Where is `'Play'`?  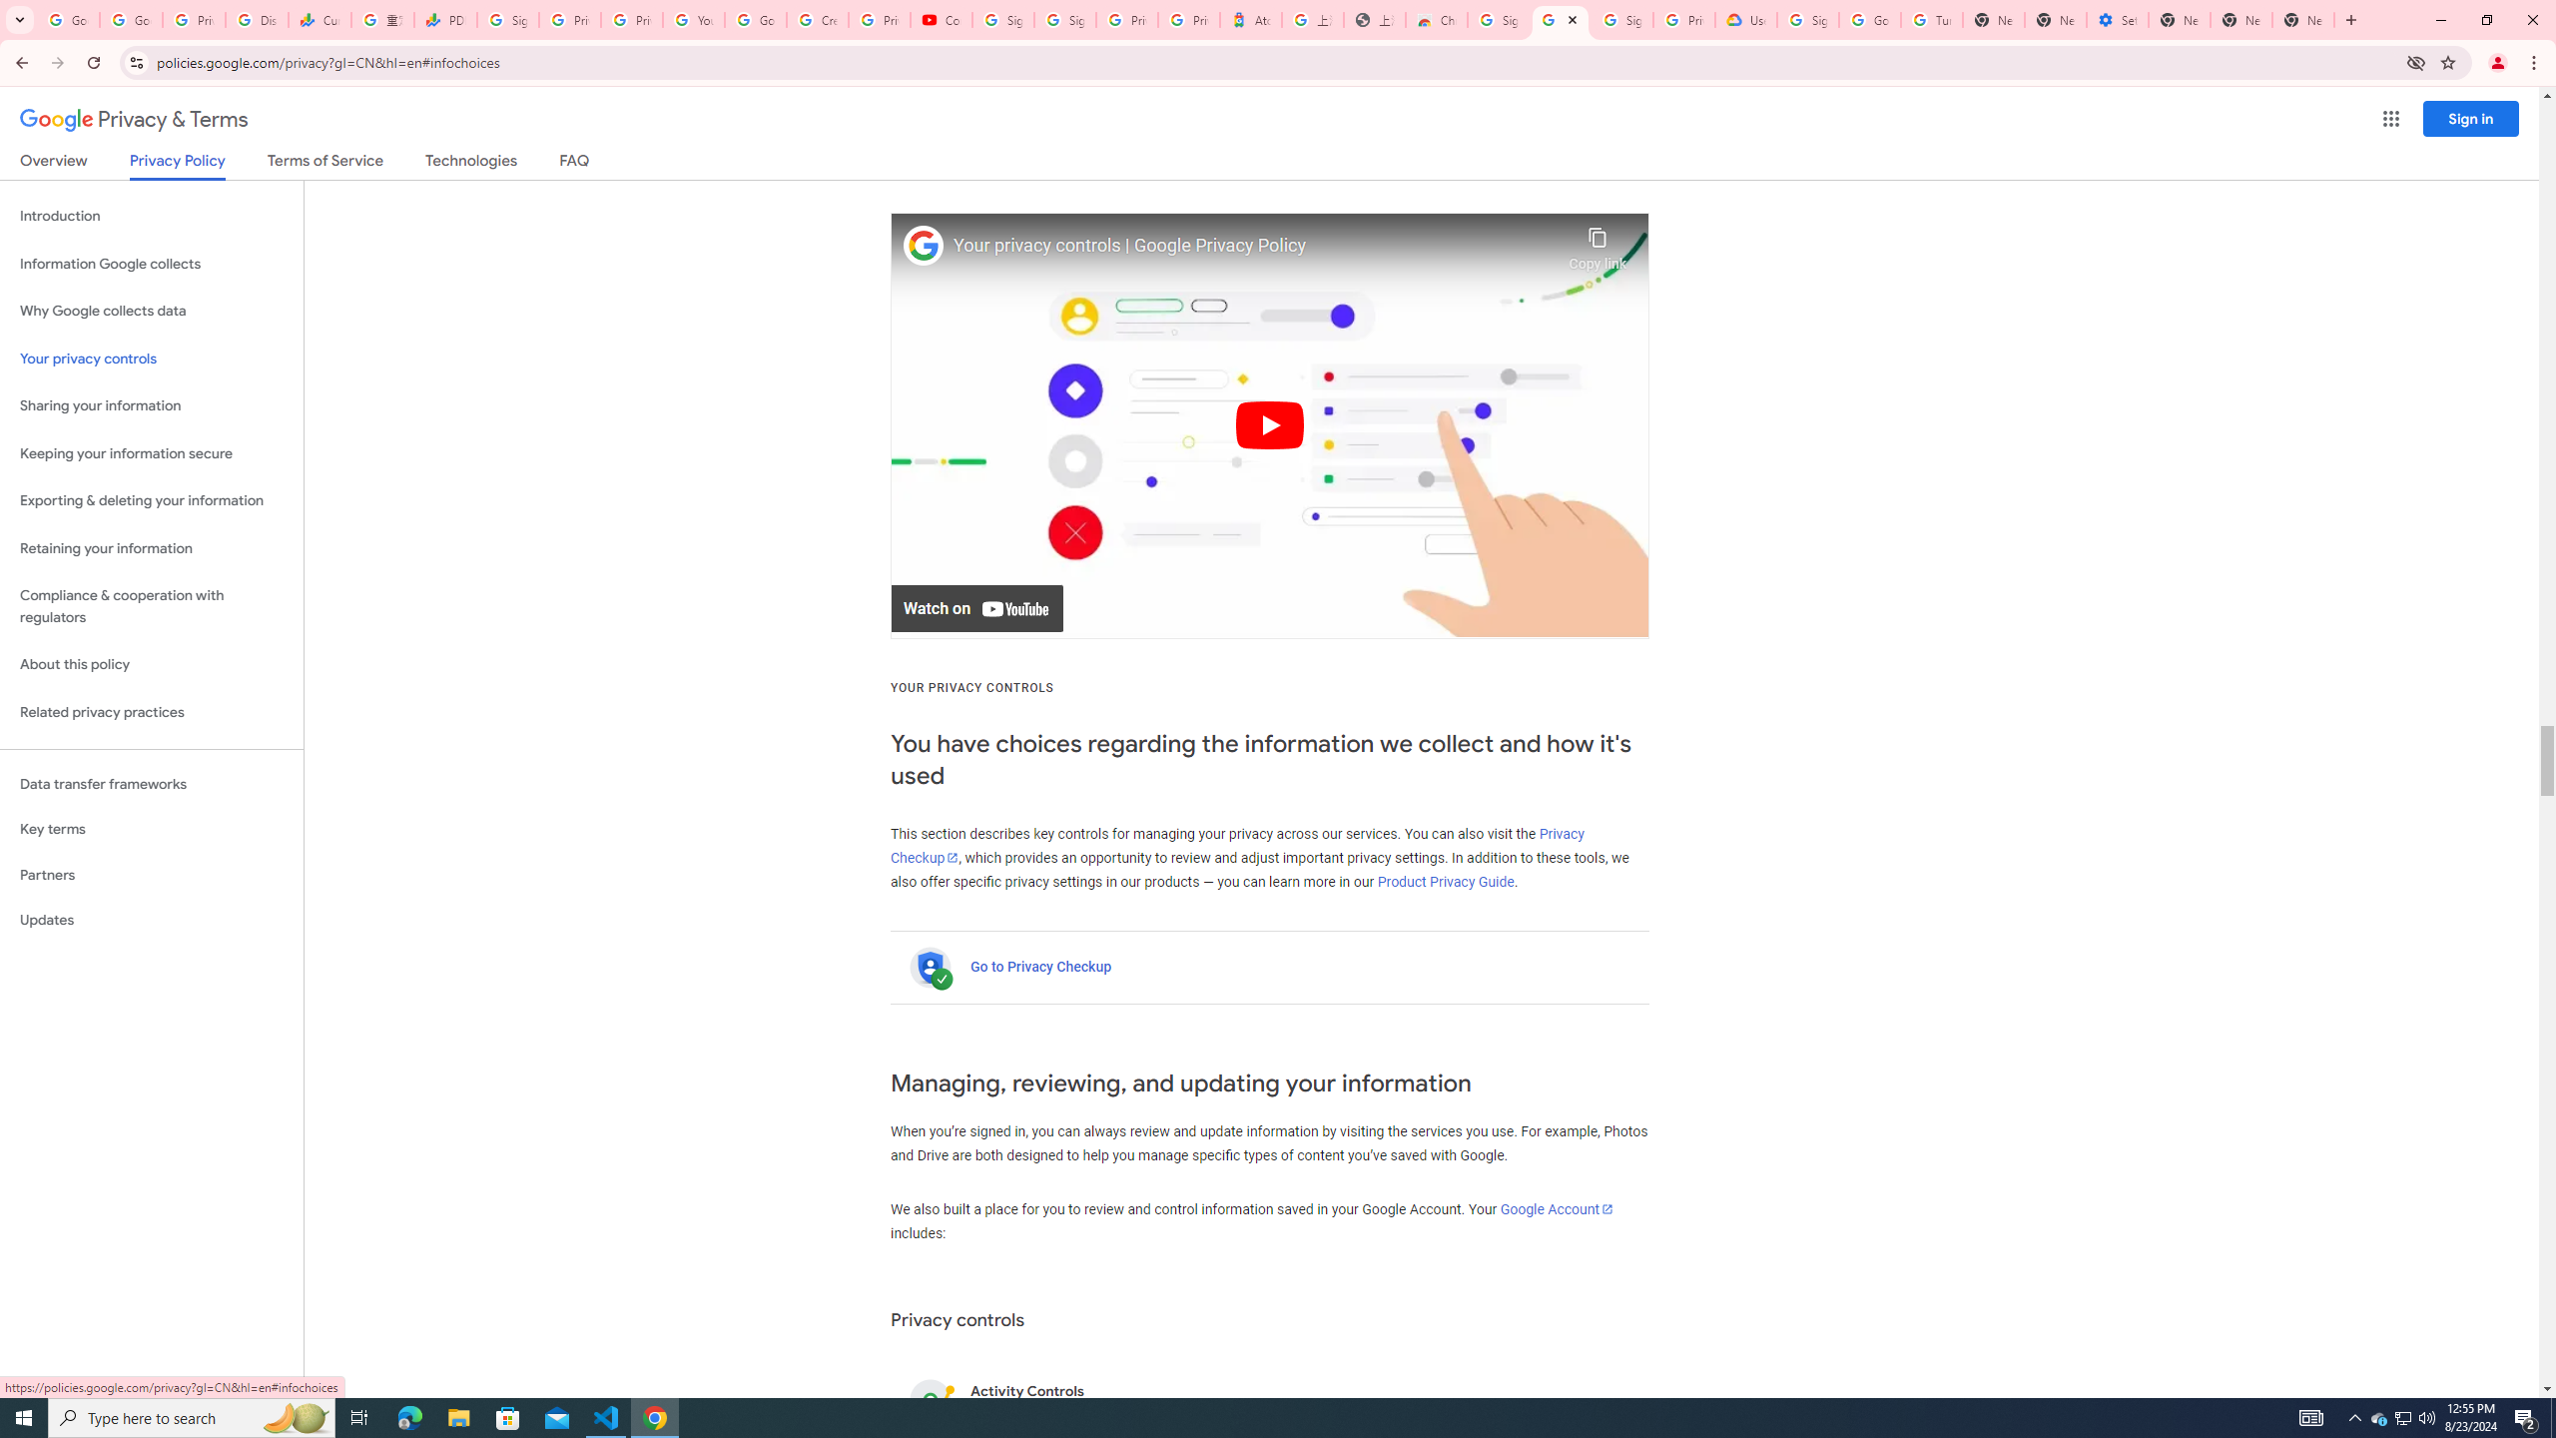
'Play' is located at coordinates (1269, 424).